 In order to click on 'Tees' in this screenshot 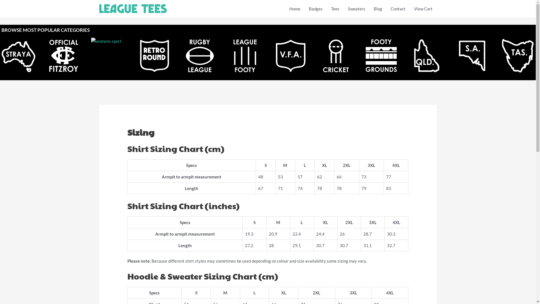, I will do `click(335, 8)`.